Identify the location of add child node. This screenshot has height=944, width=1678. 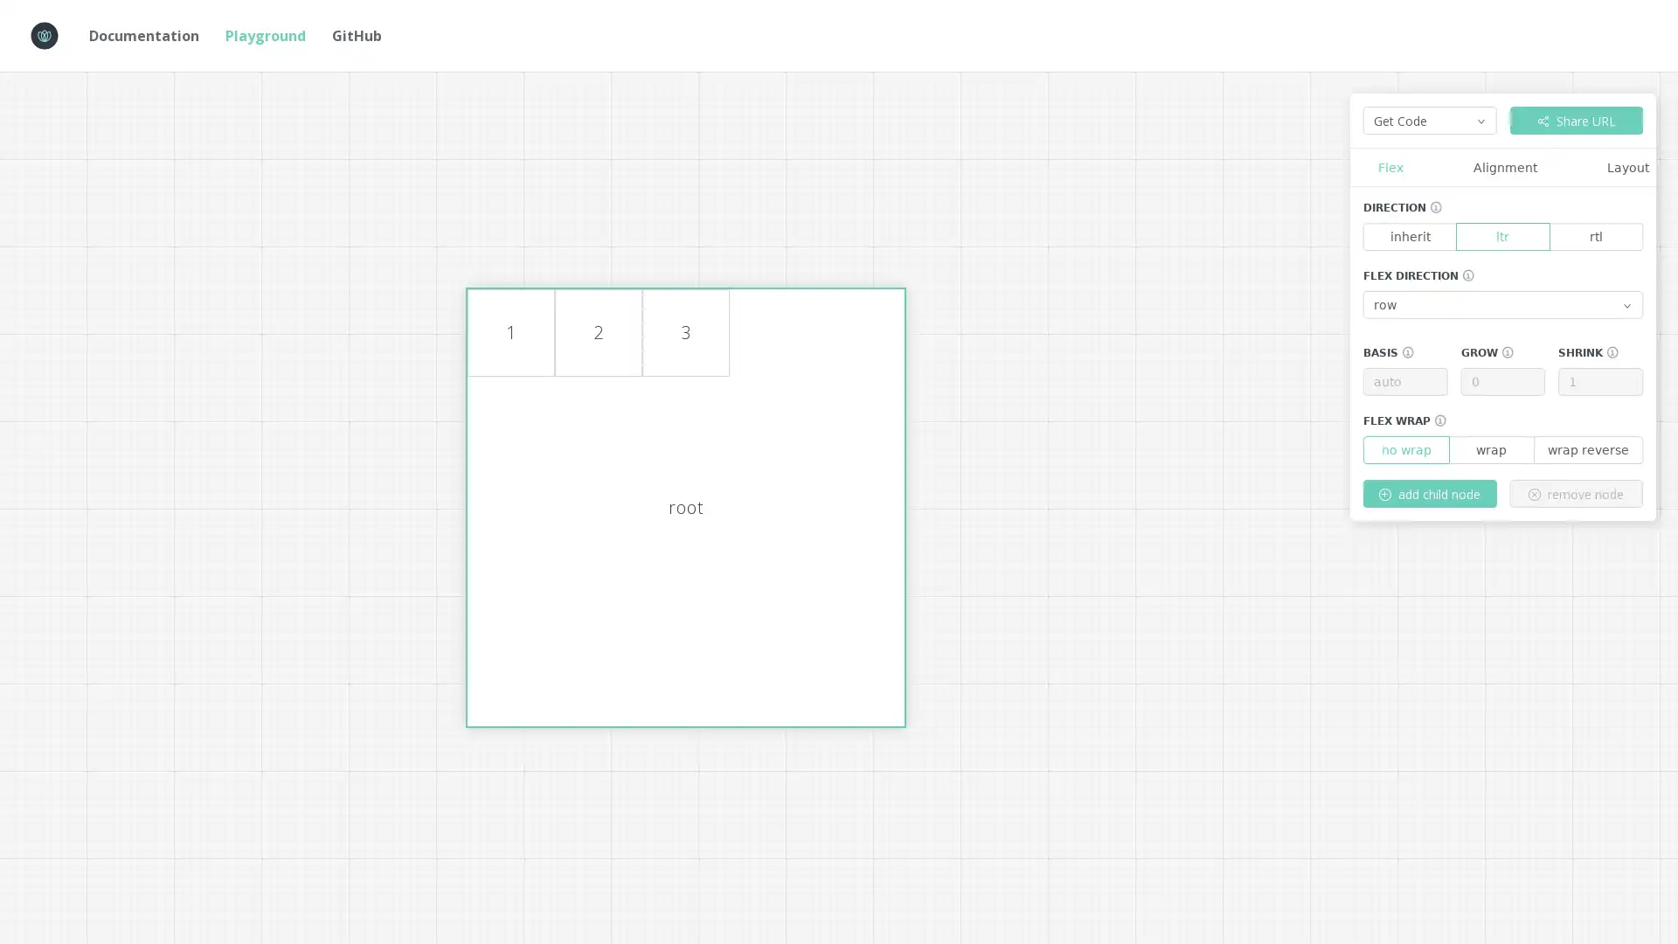
(1430, 493).